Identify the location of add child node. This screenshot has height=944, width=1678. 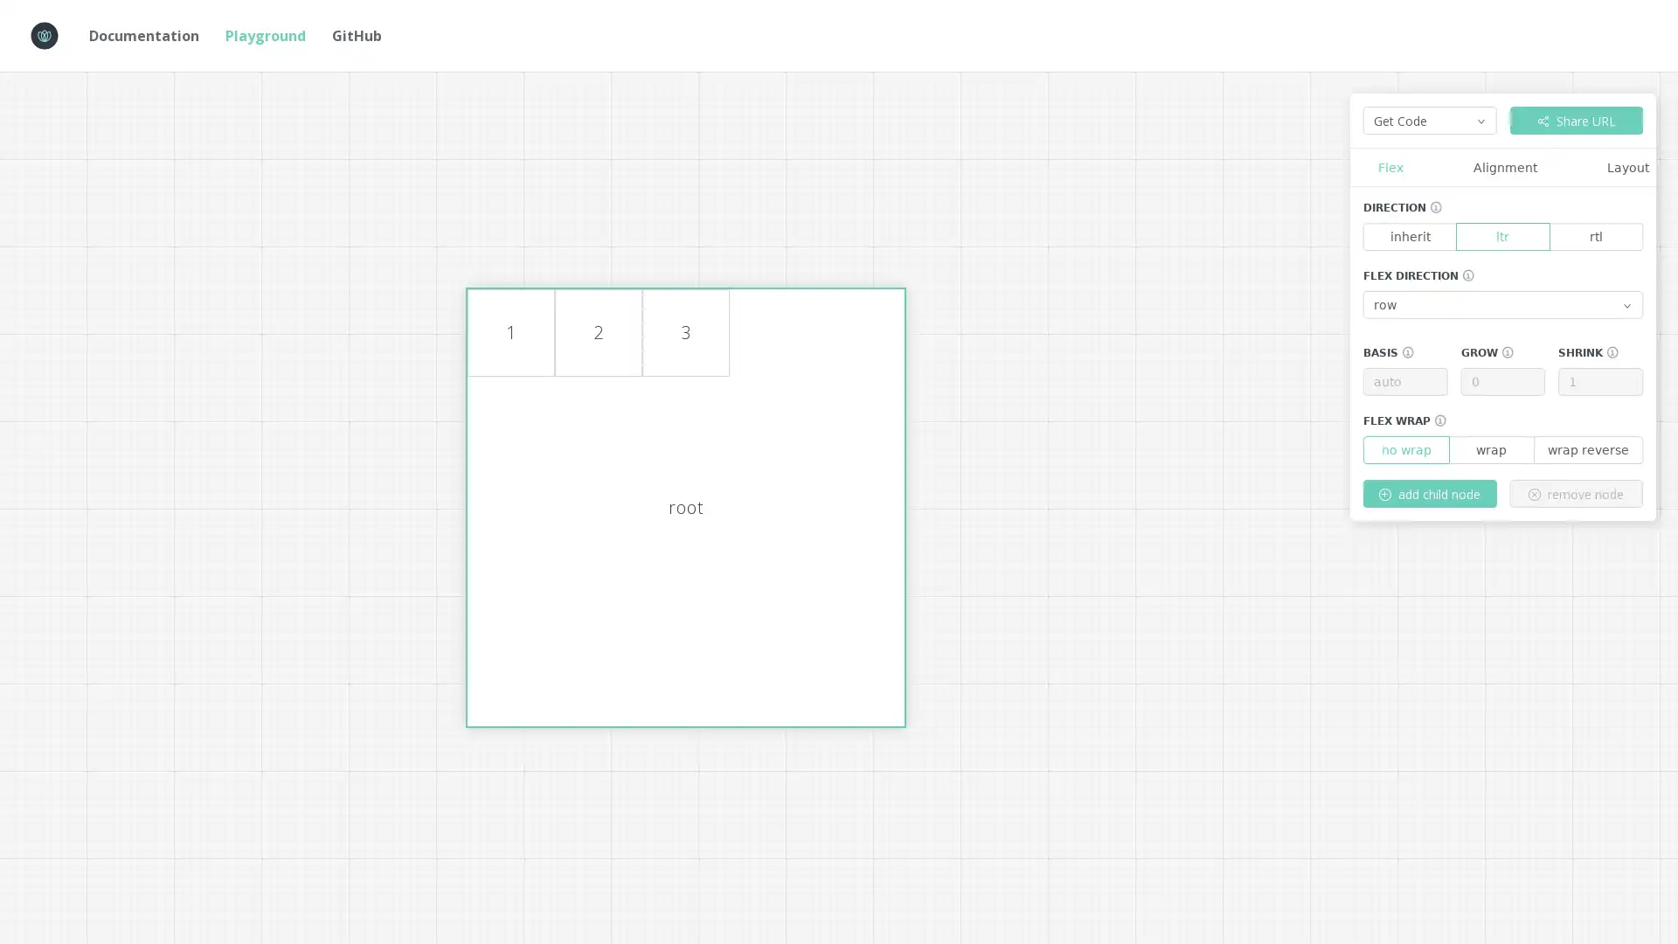
(1430, 493).